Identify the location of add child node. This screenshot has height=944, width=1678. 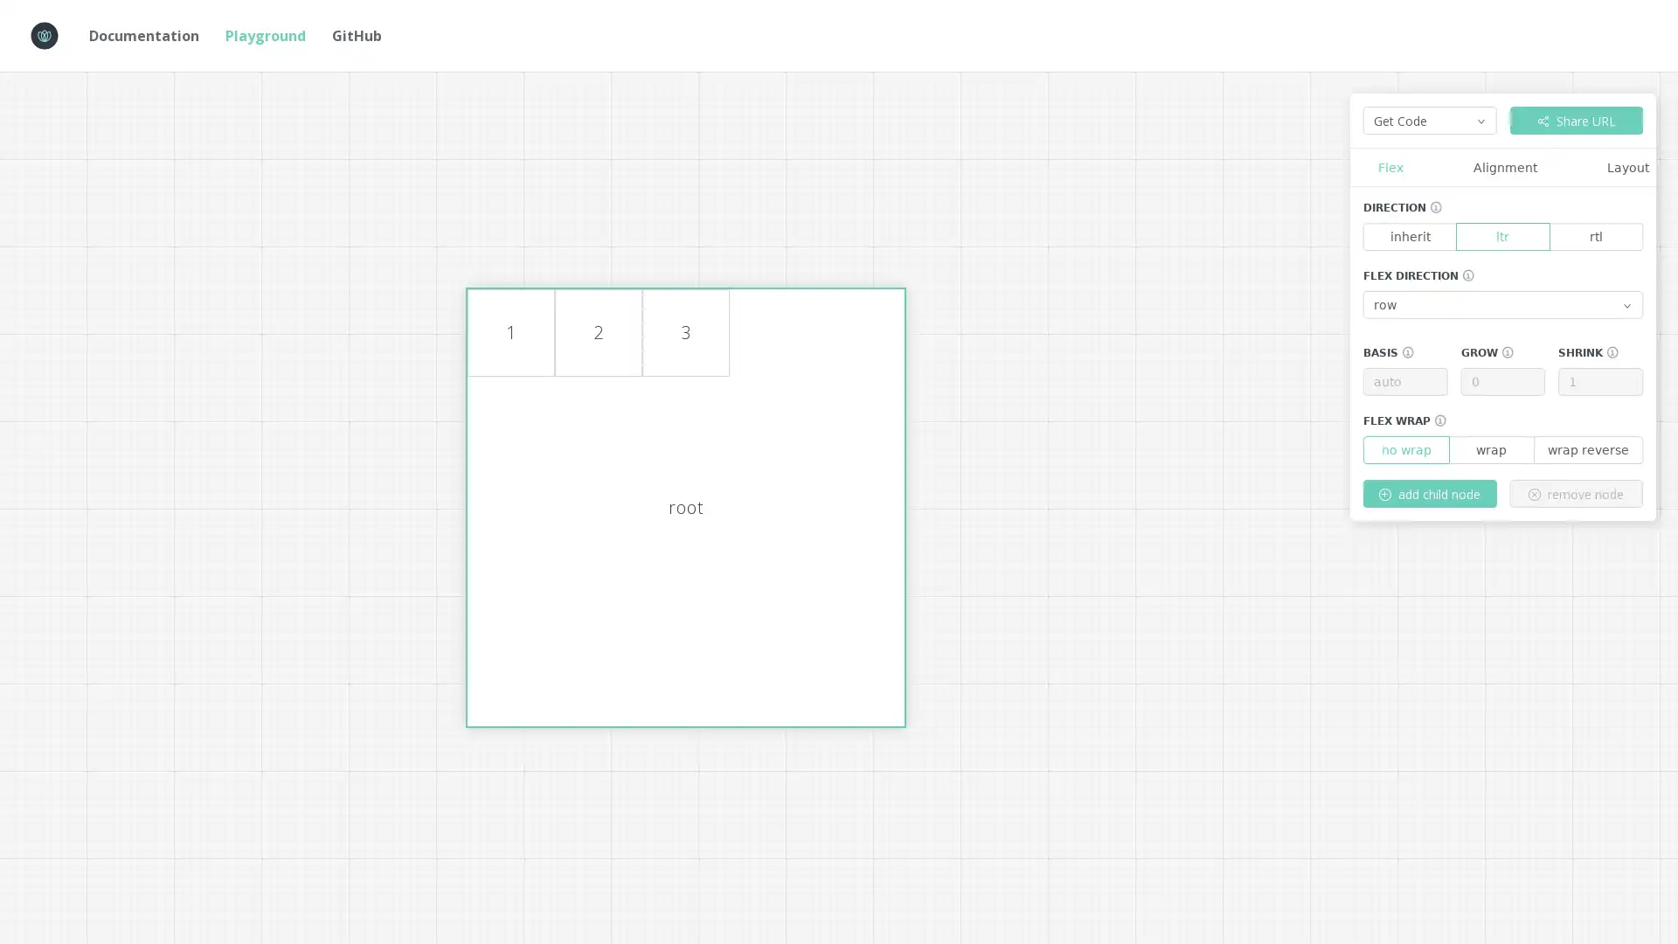
(1430, 493).